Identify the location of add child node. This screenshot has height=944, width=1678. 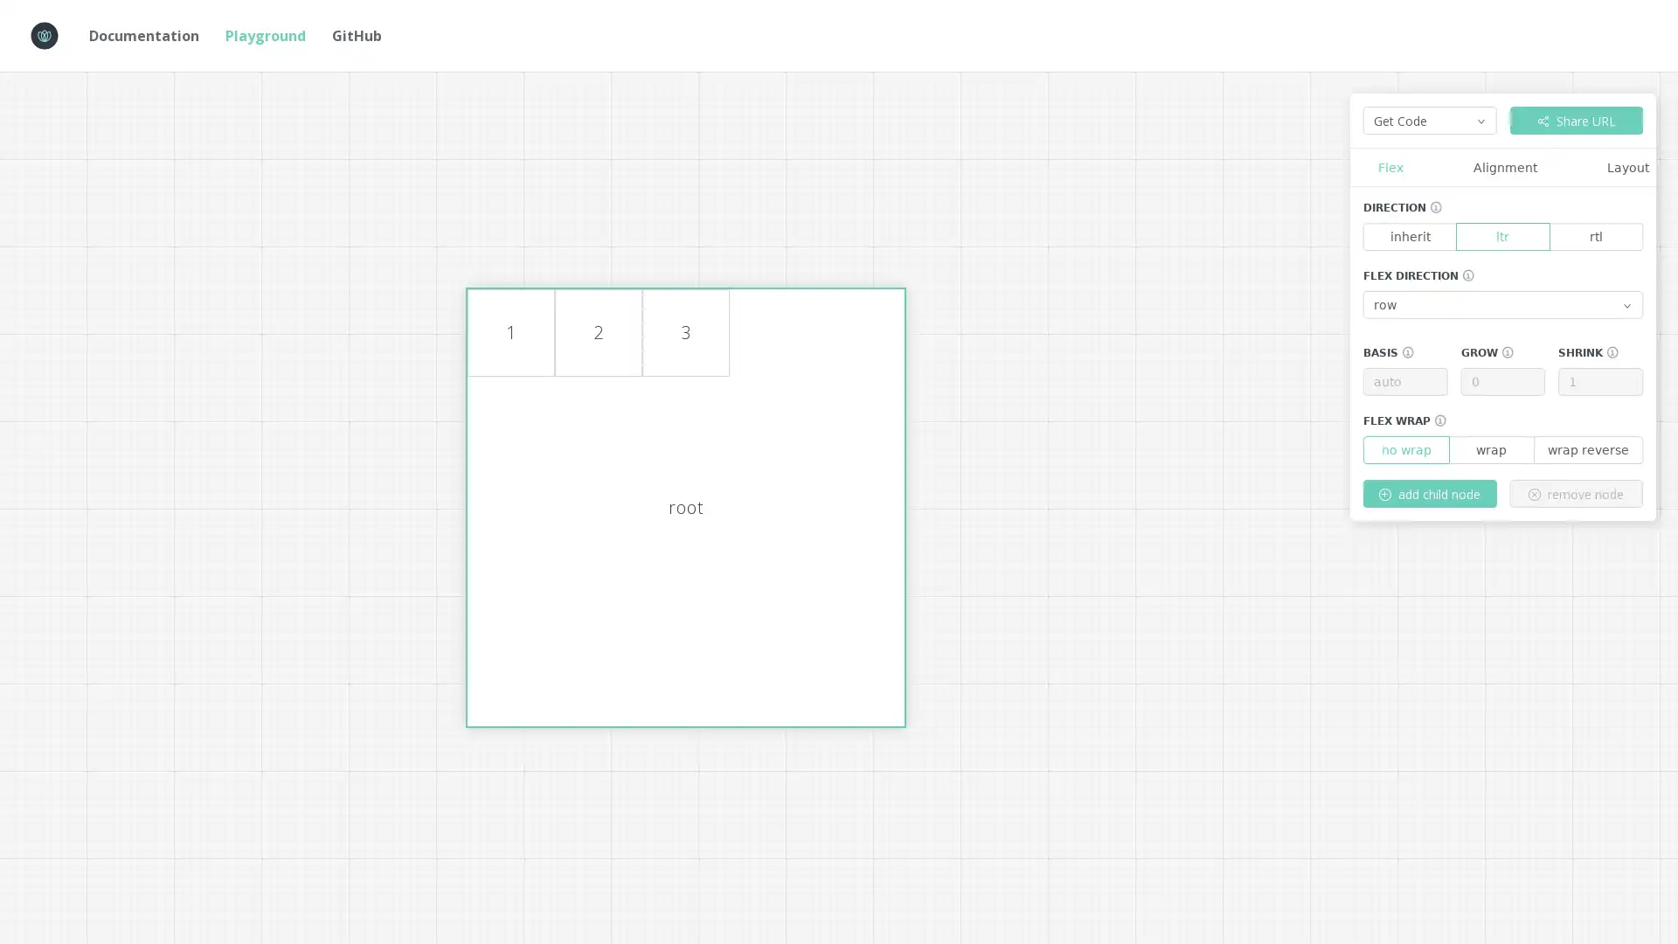
(1430, 493).